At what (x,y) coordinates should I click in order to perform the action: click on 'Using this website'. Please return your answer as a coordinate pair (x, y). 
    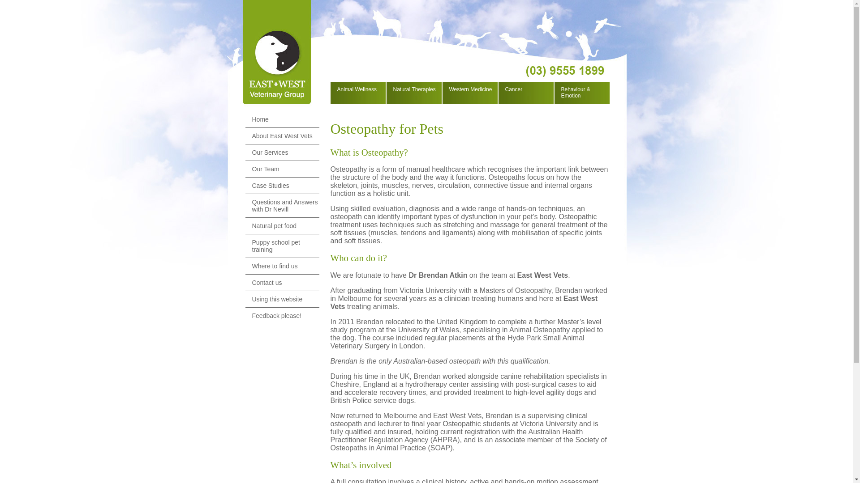
    Looking at the image, I should click on (245, 299).